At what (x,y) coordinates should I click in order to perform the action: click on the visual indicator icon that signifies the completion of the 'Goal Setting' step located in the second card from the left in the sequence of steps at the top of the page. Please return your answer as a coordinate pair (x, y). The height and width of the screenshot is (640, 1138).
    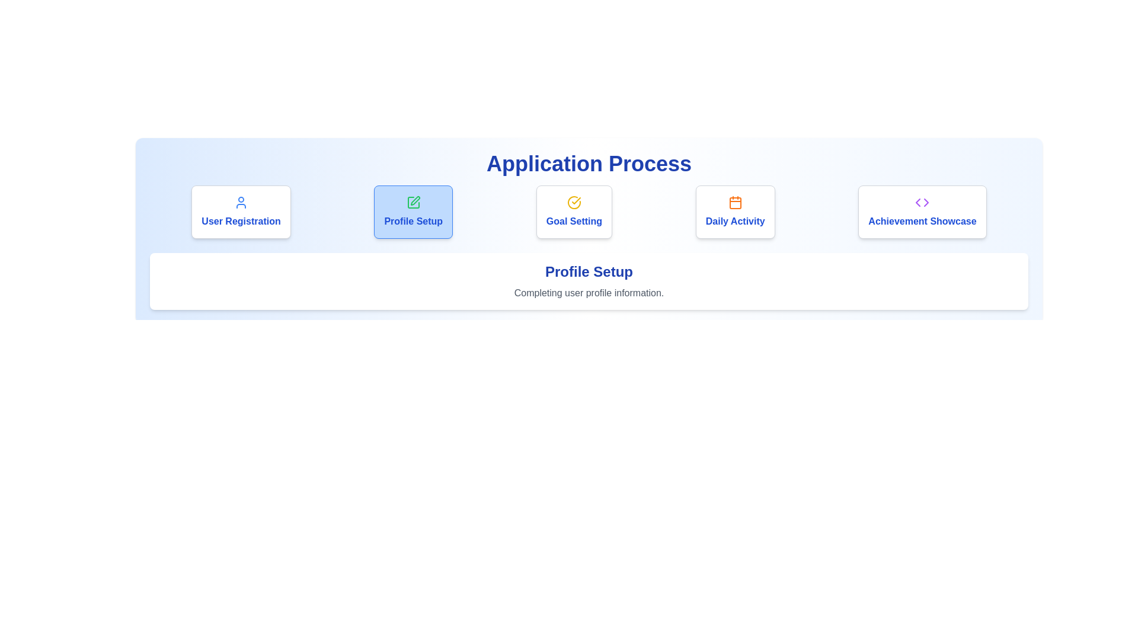
    Looking at the image, I should click on (574, 202).